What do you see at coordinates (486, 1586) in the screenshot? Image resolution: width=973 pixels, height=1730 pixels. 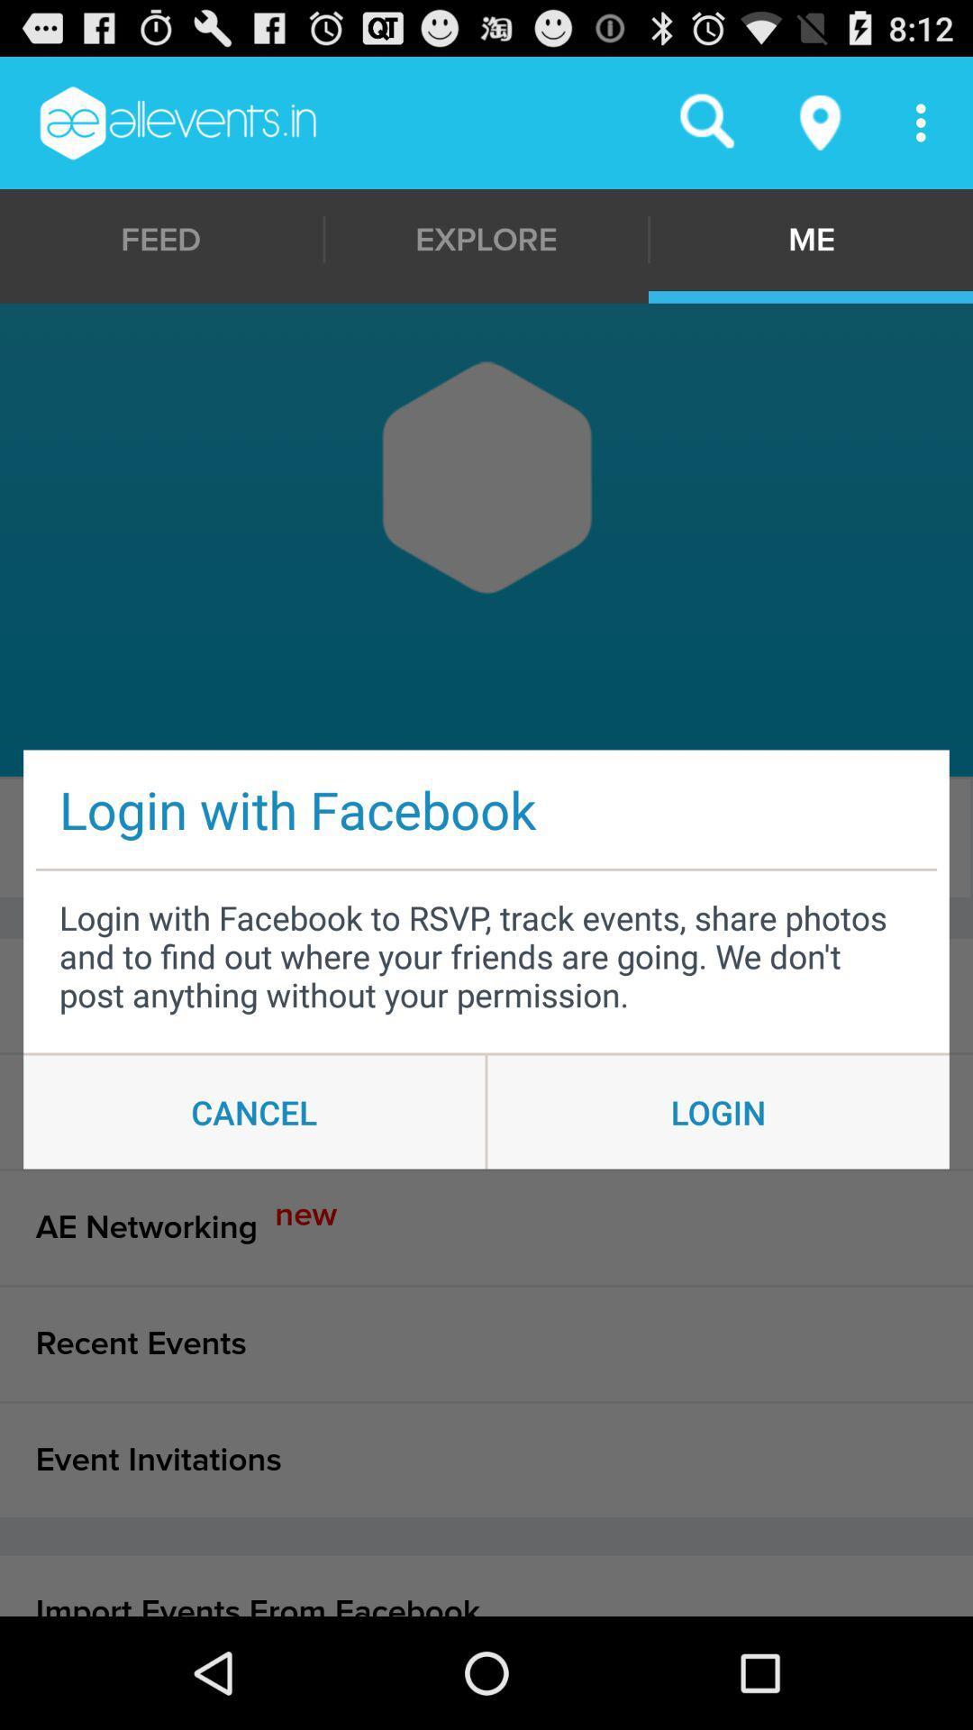 I see `the import events from` at bounding box center [486, 1586].